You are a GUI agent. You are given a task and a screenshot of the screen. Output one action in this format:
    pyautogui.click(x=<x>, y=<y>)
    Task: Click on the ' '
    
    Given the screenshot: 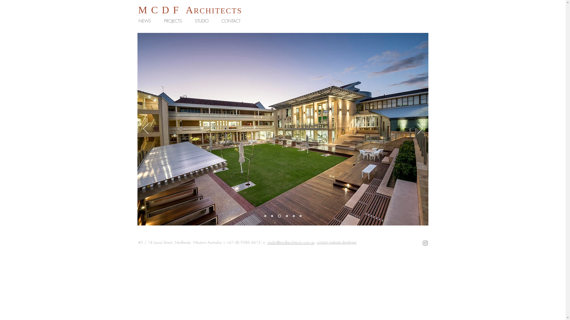 What is the action you would take?
    pyautogui.click(x=182, y=10)
    